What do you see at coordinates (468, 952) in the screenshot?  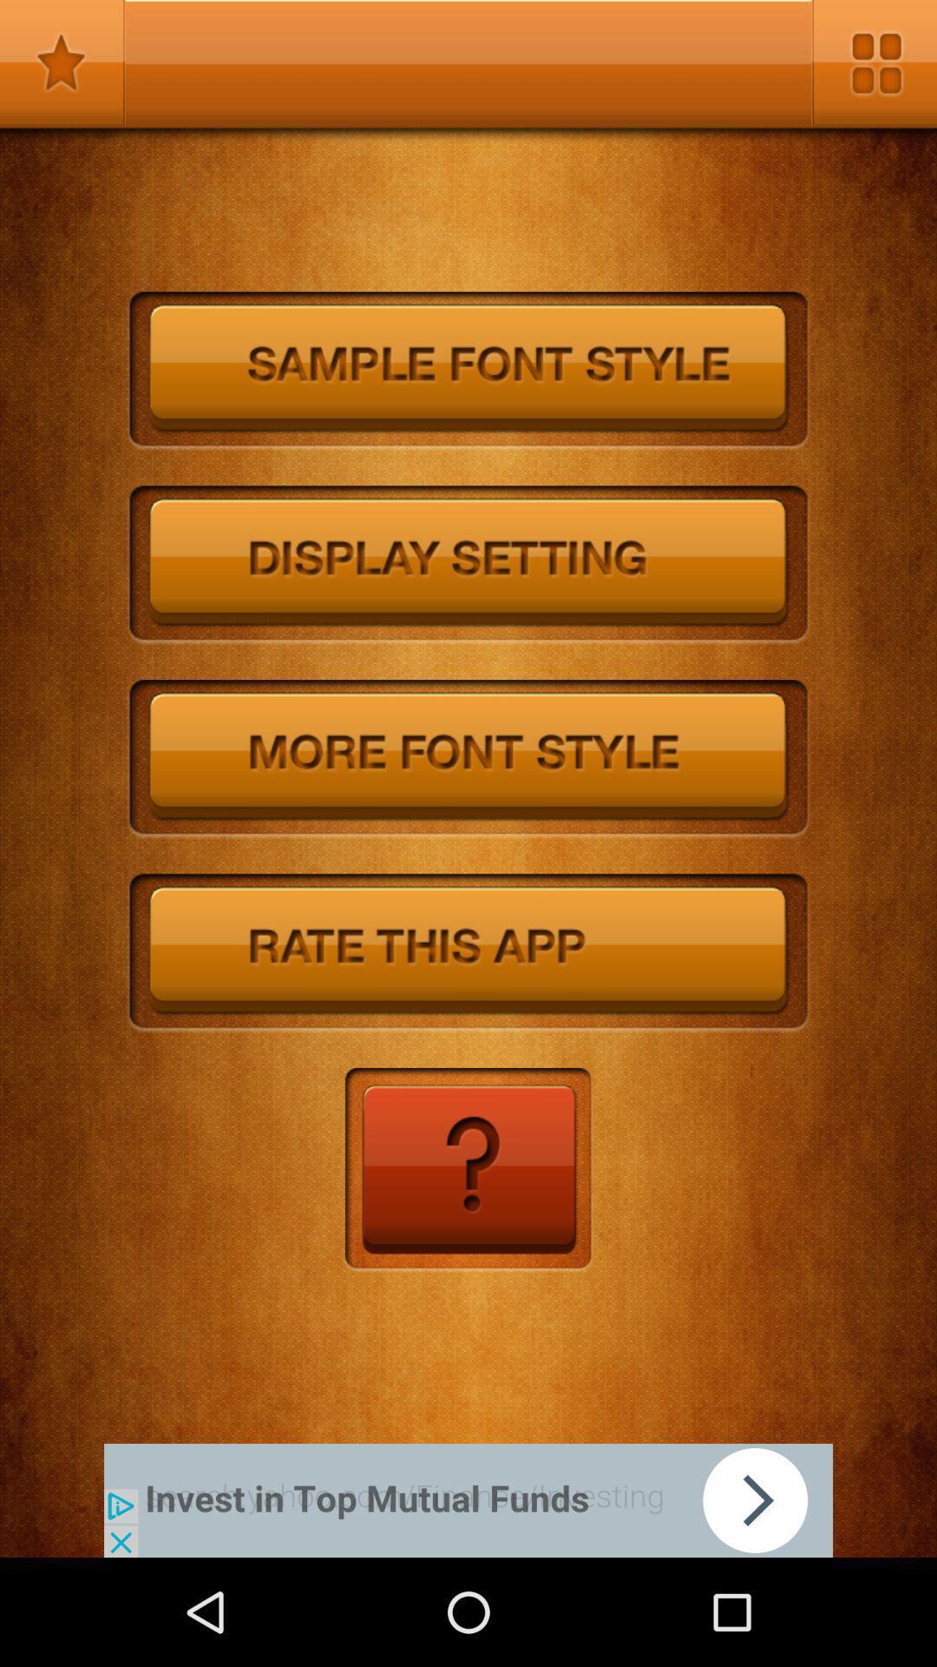 I see `rate this app` at bounding box center [468, 952].